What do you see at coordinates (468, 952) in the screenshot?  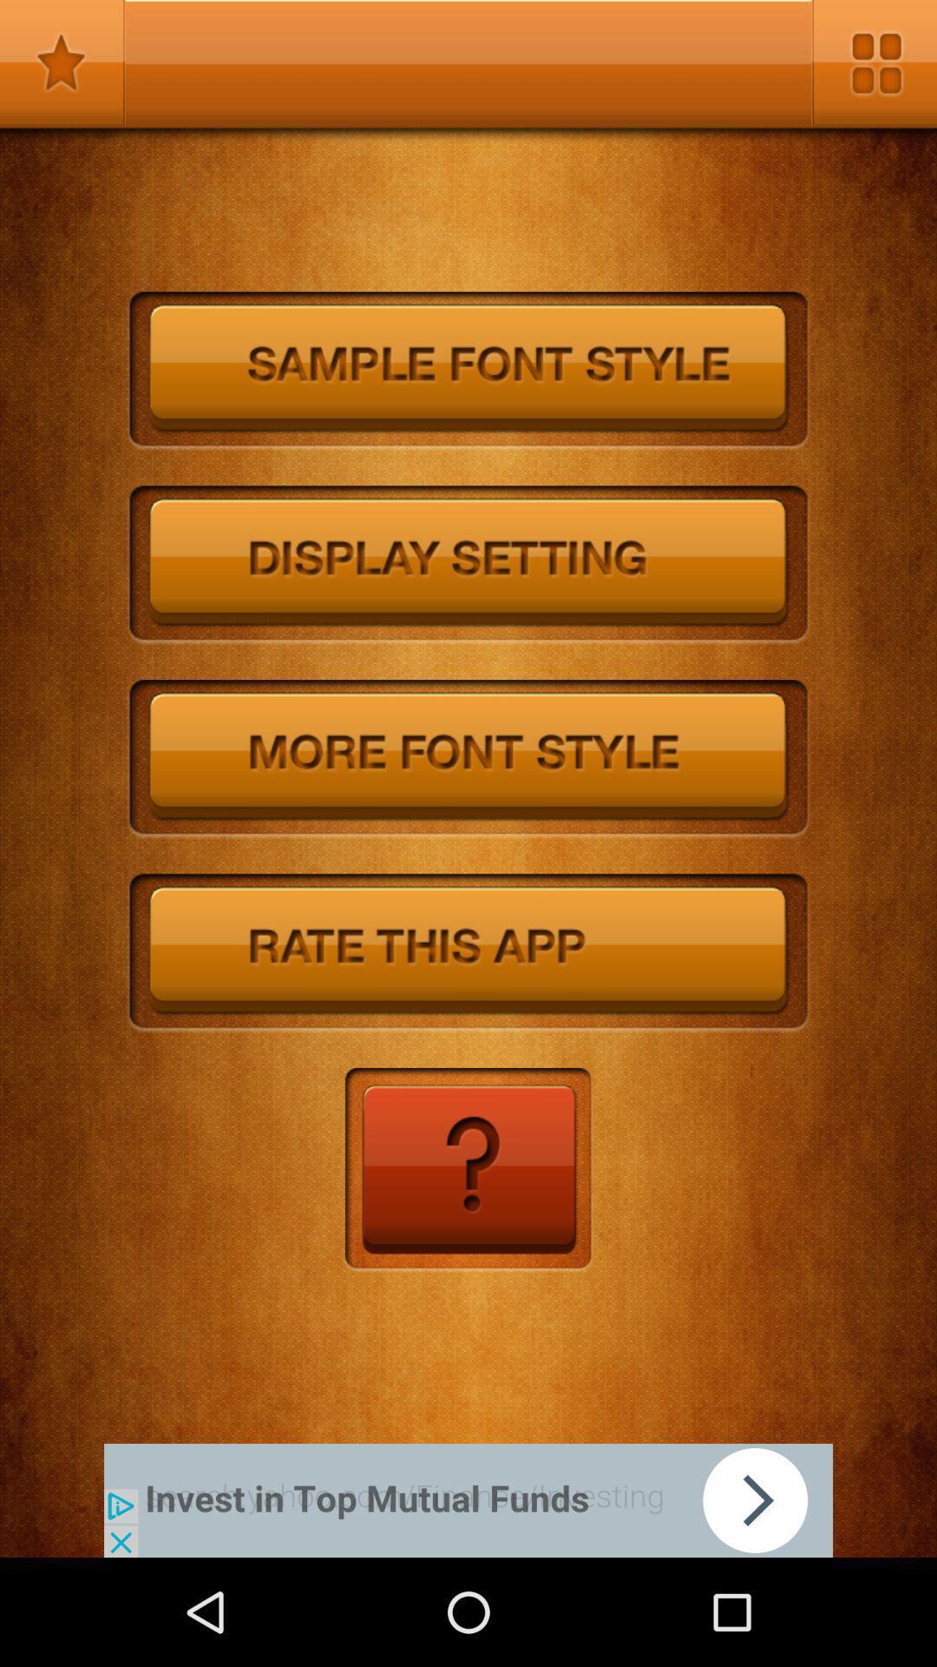 I see `rate this app` at bounding box center [468, 952].